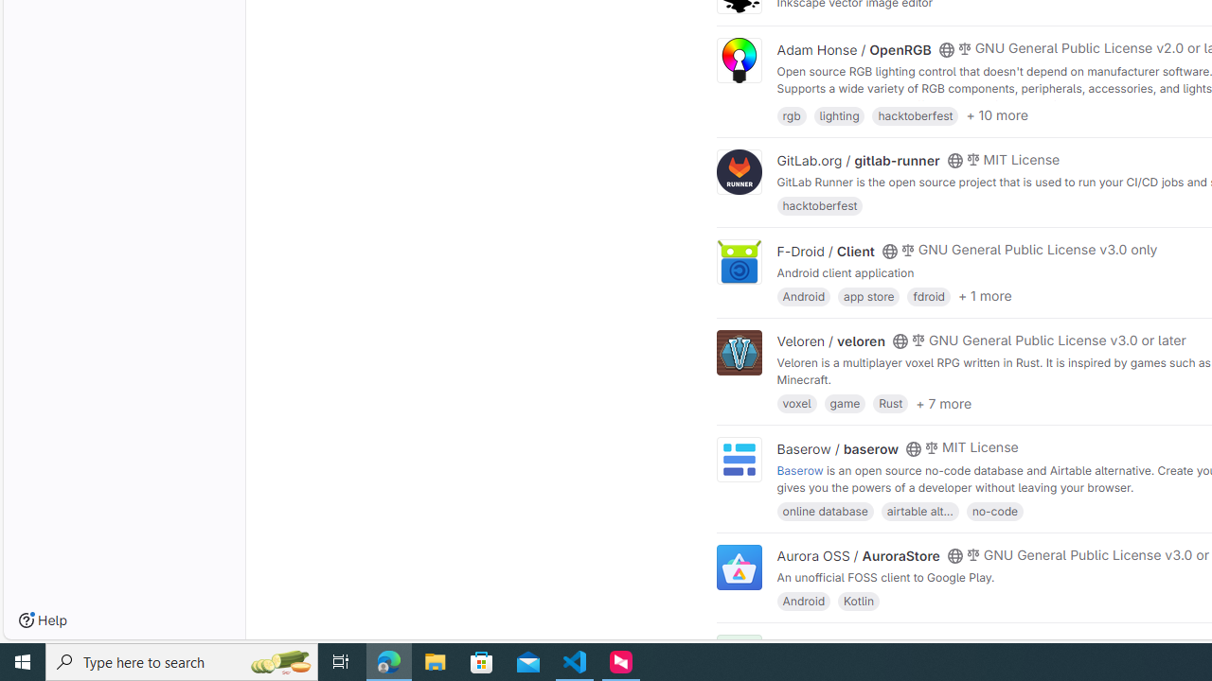 This screenshot has width=1212, height=681. Describe the element at coordinates (838, 114) in the screenshot. I see `'lighting'` at that location.